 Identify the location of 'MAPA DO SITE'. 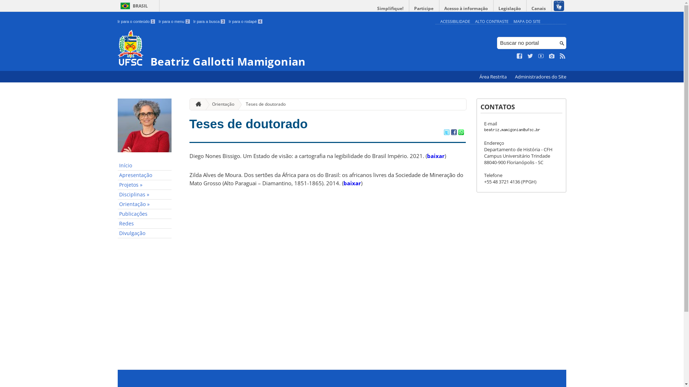
(513, 21).